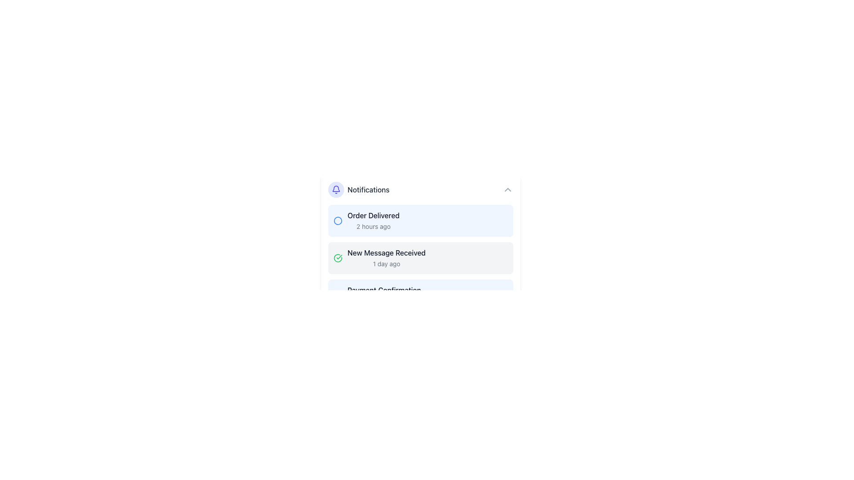 The width and height of the screenshot is (854, 480). Describe the element at coordinates (337, 220) in the screenshot. I see `the circular icon with a blue stroke that indicates the status of the 'Order Delivered' notification` at that location.